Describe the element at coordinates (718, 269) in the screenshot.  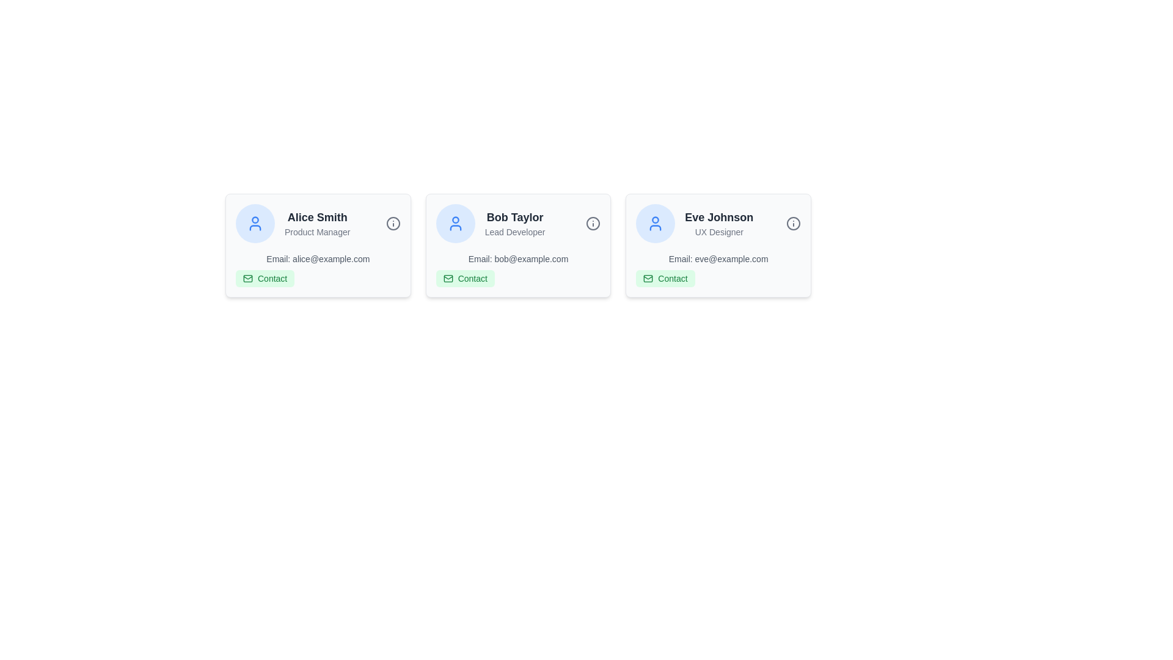
I see `the email address 'eve@example.com' displayed in a smaller, gray font within the card labeled 'Eve Johnson UX Designer' by clicking on it, as it is likely a link` at that location.